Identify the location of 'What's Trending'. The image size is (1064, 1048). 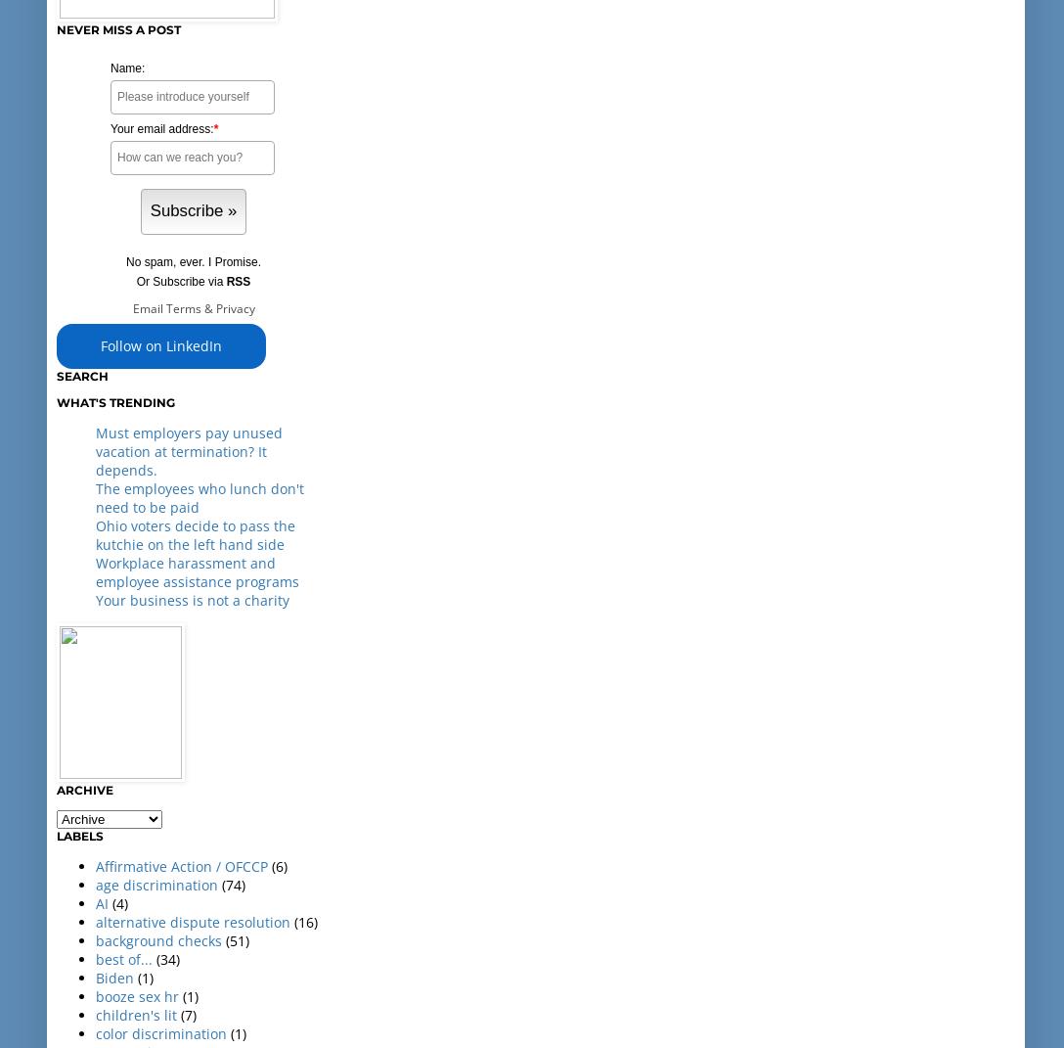
(115, 401).